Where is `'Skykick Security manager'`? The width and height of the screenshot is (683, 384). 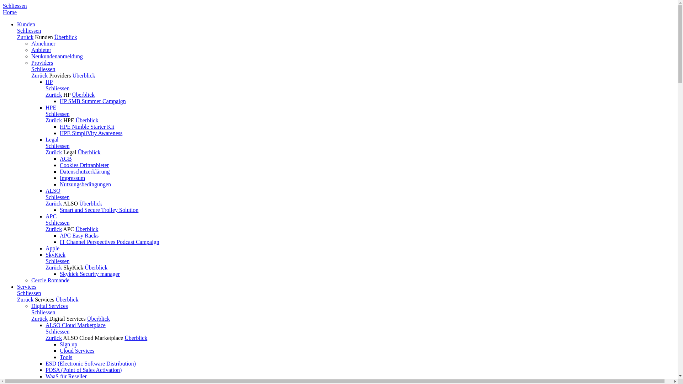
'Skykick Security manager' is located at coordinates (60, 273).